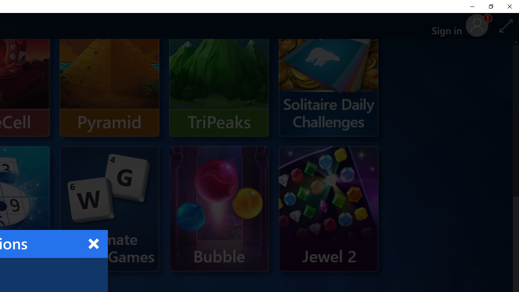 This screenshot has height=292, width=519. What do you see at coordinates (328, 208) in the screenshot?
I see `'Microsoft Jewel 2'` at bounding box center [328, 208].